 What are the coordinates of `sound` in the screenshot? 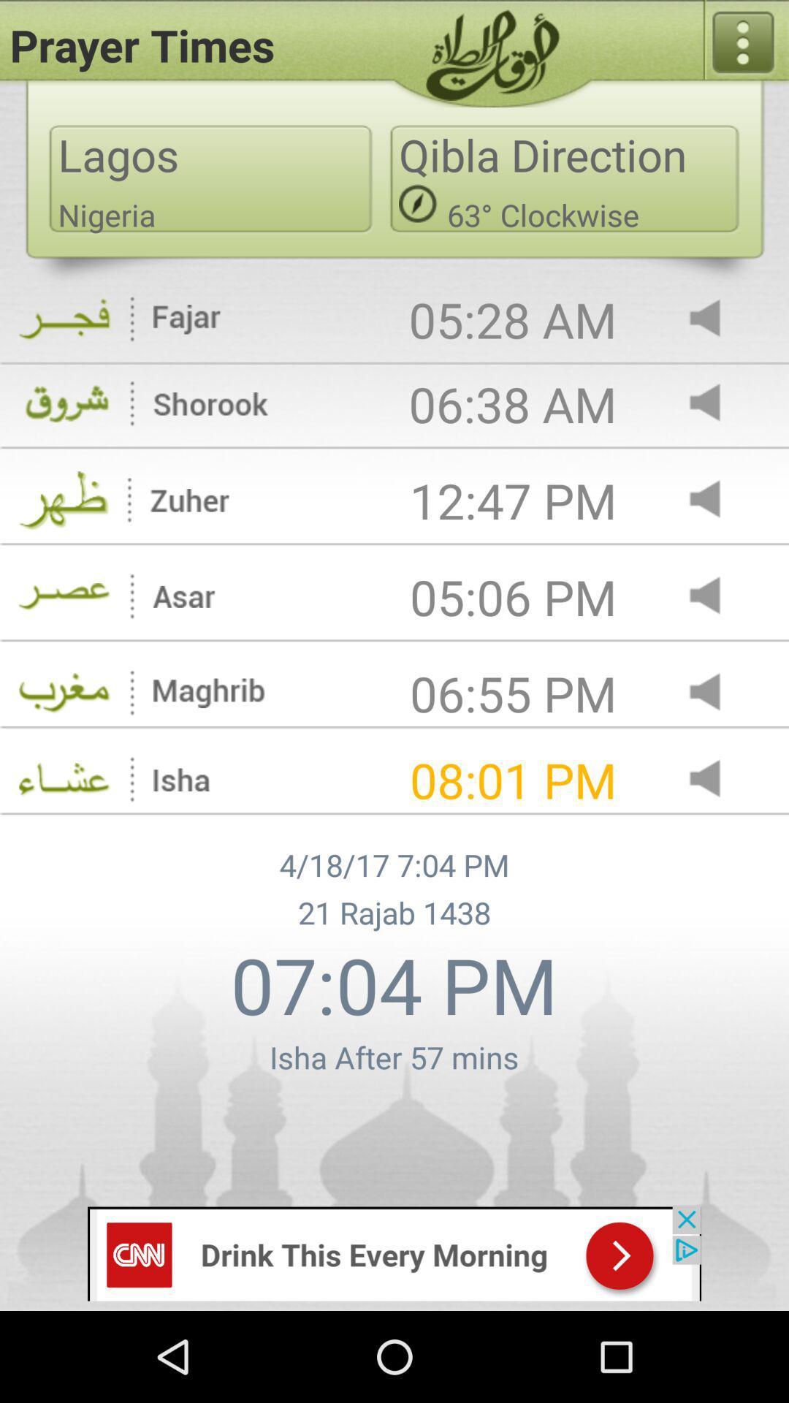 It's located at (717, 597).